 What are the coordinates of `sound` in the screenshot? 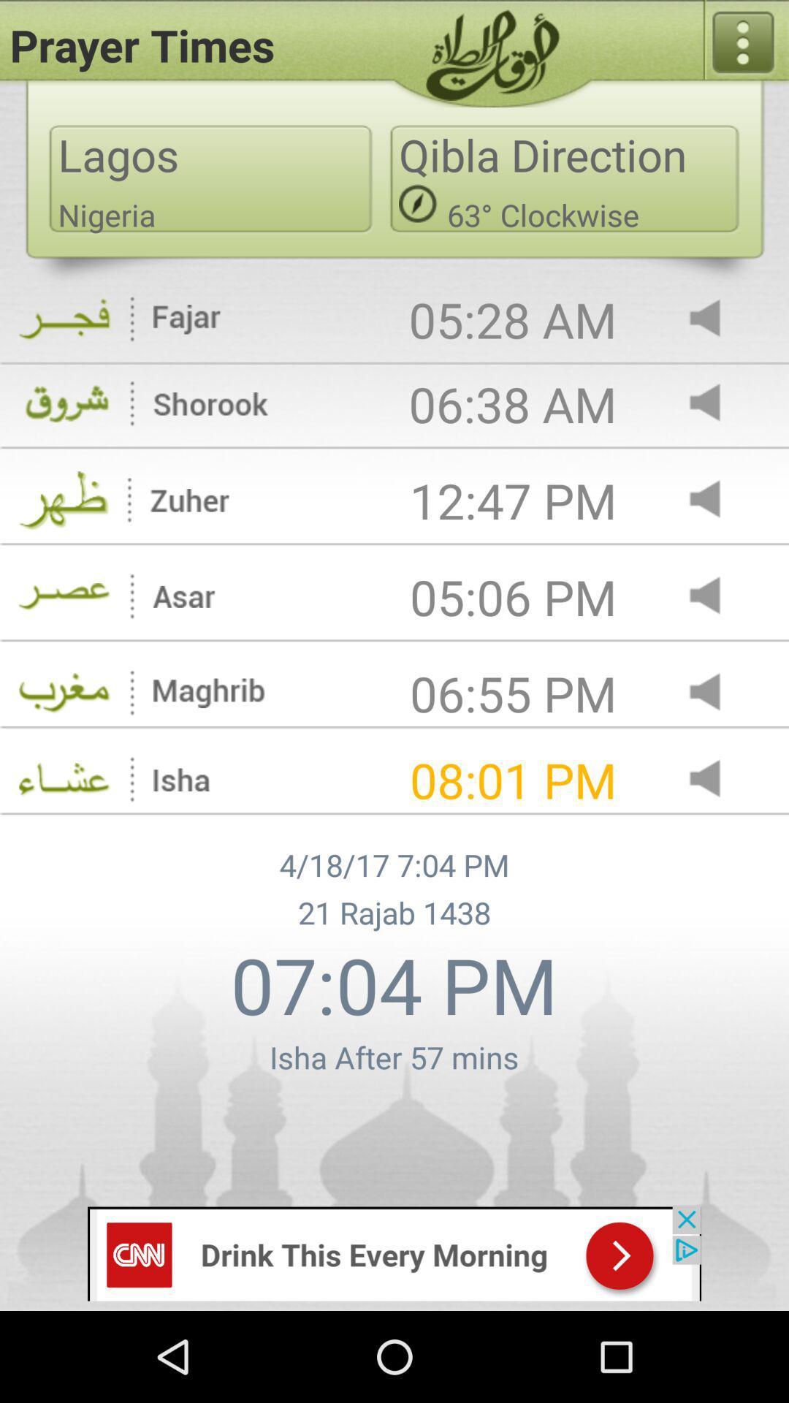 It's located at (717, 597).